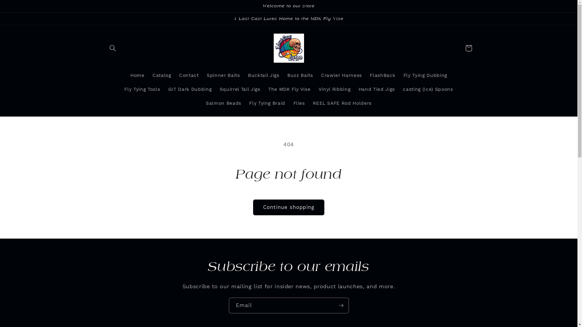 This screenshot has height=327, width=582. What do you see at coordinates (162, 75) in the screenshot?
I see `'Catalog'` at bounding box center [162, 75].